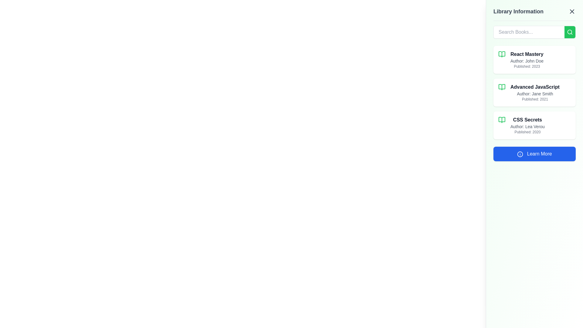 This screenshot has height=328, width=583. What do you see at coordinates (520, 154) in the screenshot?
I see `the small circular information icon with a blue outline located to the left of the 'Learn More' button` at bounding box center [520, 154].